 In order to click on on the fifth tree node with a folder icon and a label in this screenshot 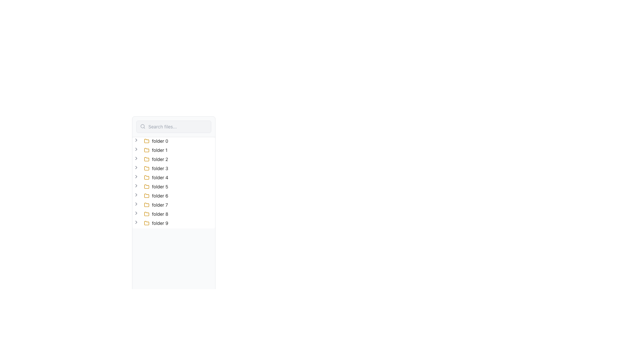, I will do `click(156, 177)`.